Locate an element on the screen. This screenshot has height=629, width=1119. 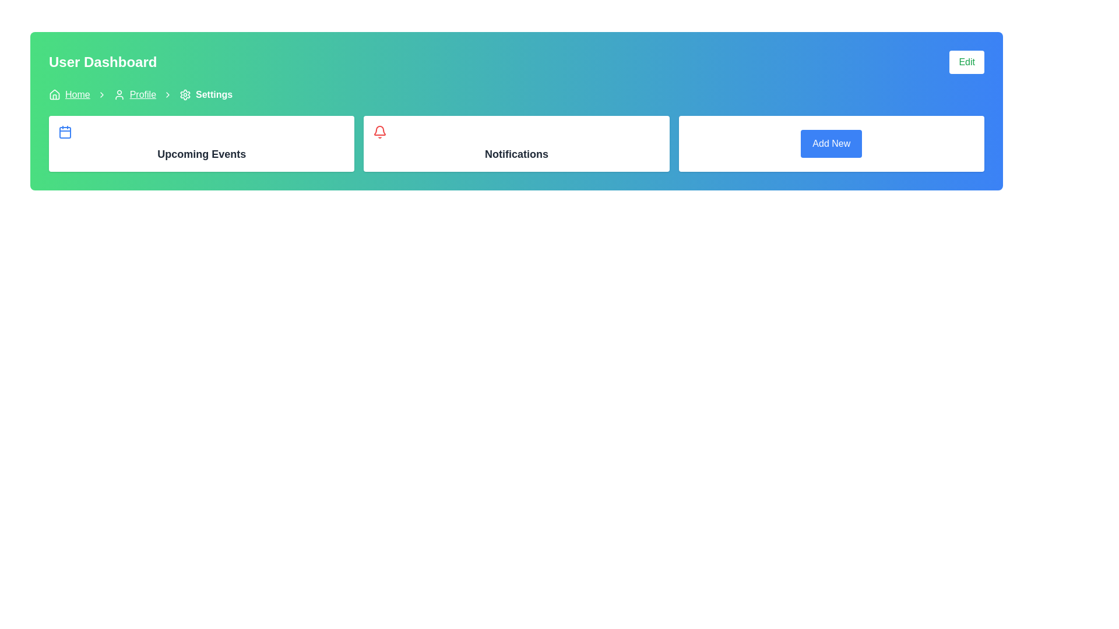
the Rectangle (SVG Element) that is part of the calendar icon located next to the 'Upcoming Events' label in the page header is located at coordinates (64, 132).